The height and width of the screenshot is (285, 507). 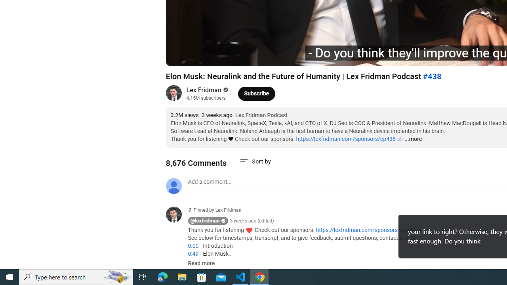 What do you see at coordinates (349, 139) in the screenshot?
I see `'https://lexfridman.com/sponsors/ep438-sb'` at bounding box center [349, 139].